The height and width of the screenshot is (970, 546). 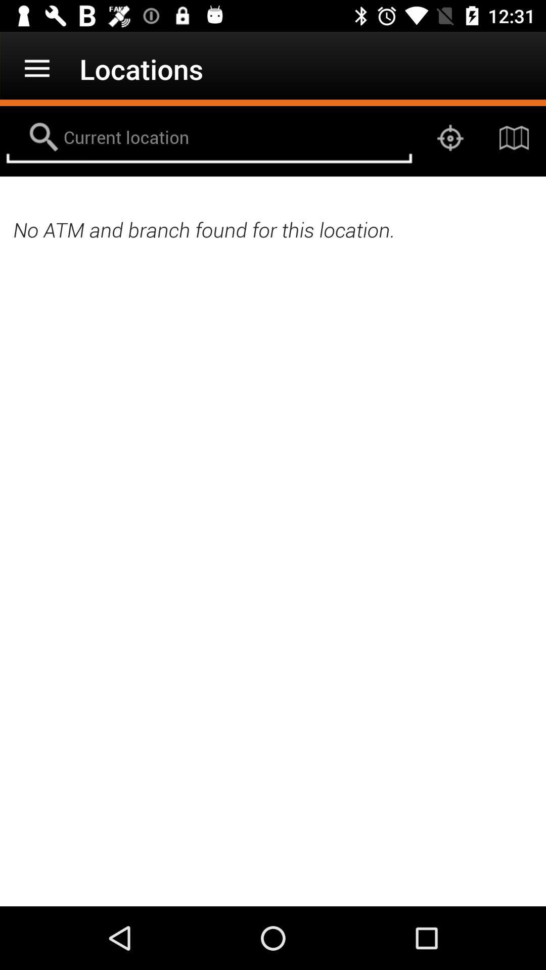 What do you see at coordinates (450, 137) in the screenshot?
I see `the item above the no atm and icon` at bounding box center [450, 137].